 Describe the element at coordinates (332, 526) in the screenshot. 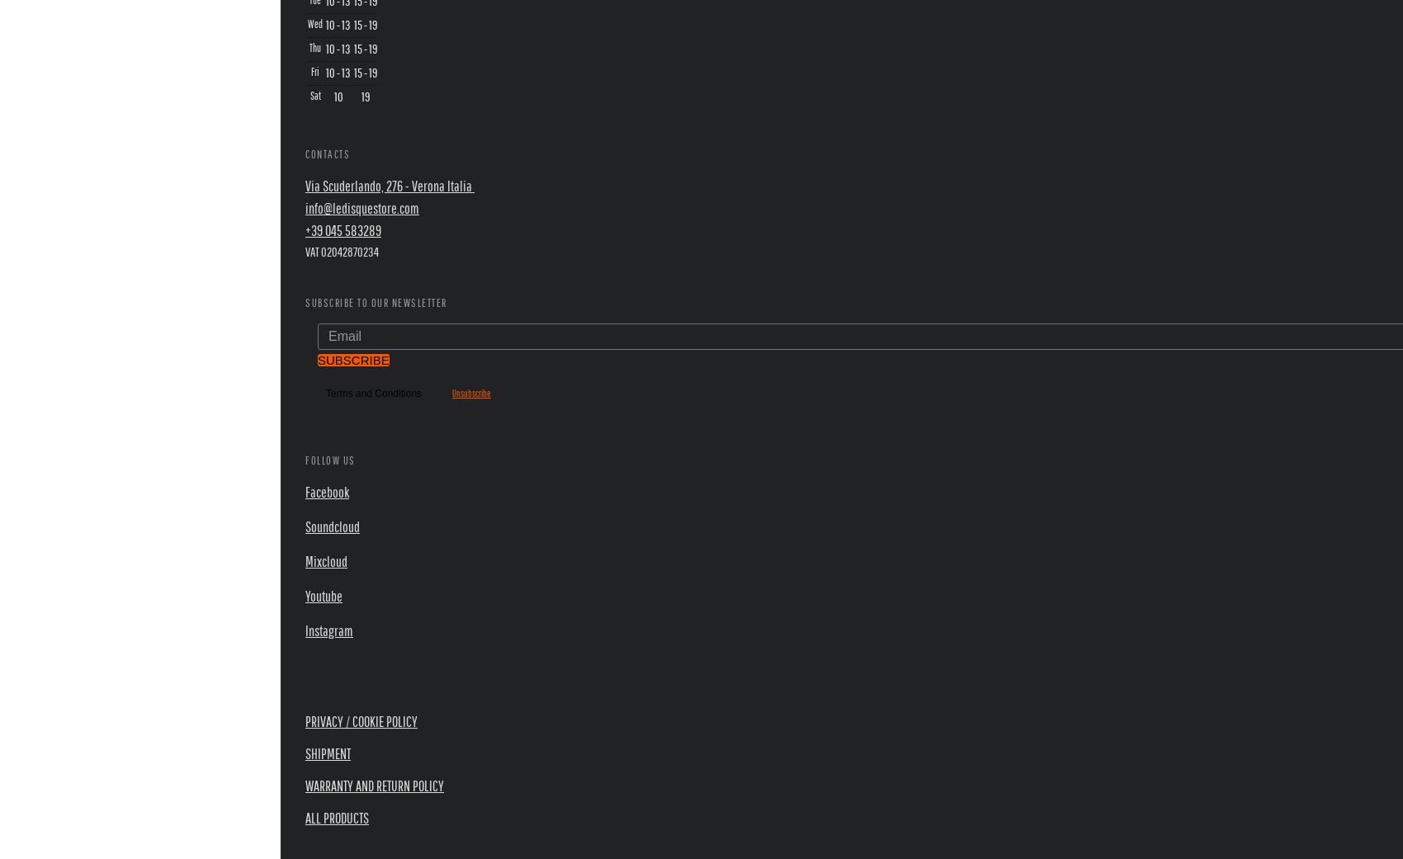

I see `'Soundcloud'` at that location.